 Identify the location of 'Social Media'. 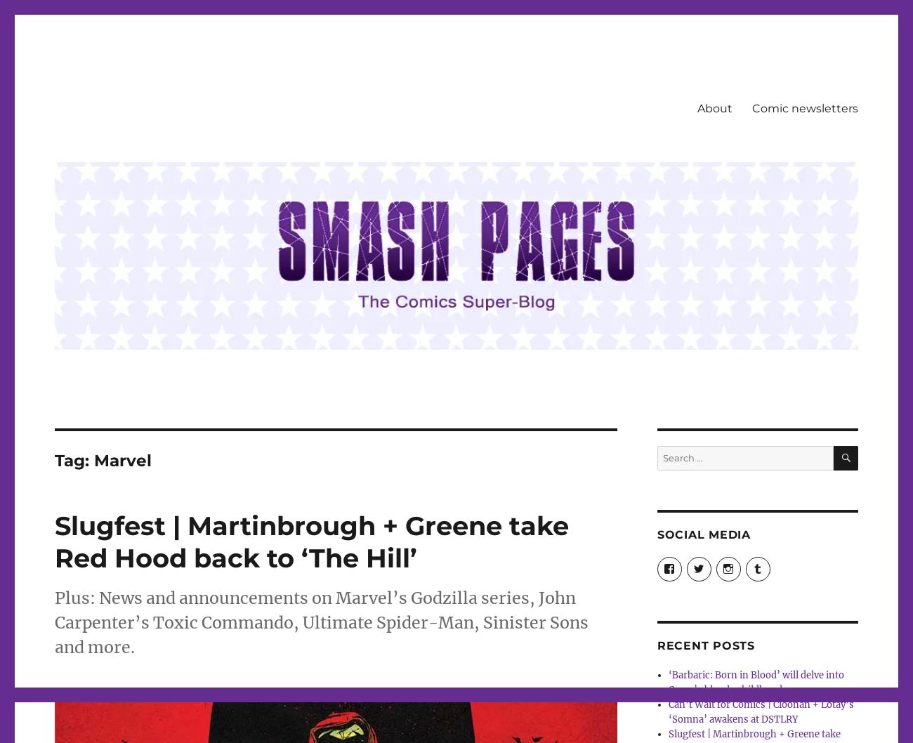
(702, 534).